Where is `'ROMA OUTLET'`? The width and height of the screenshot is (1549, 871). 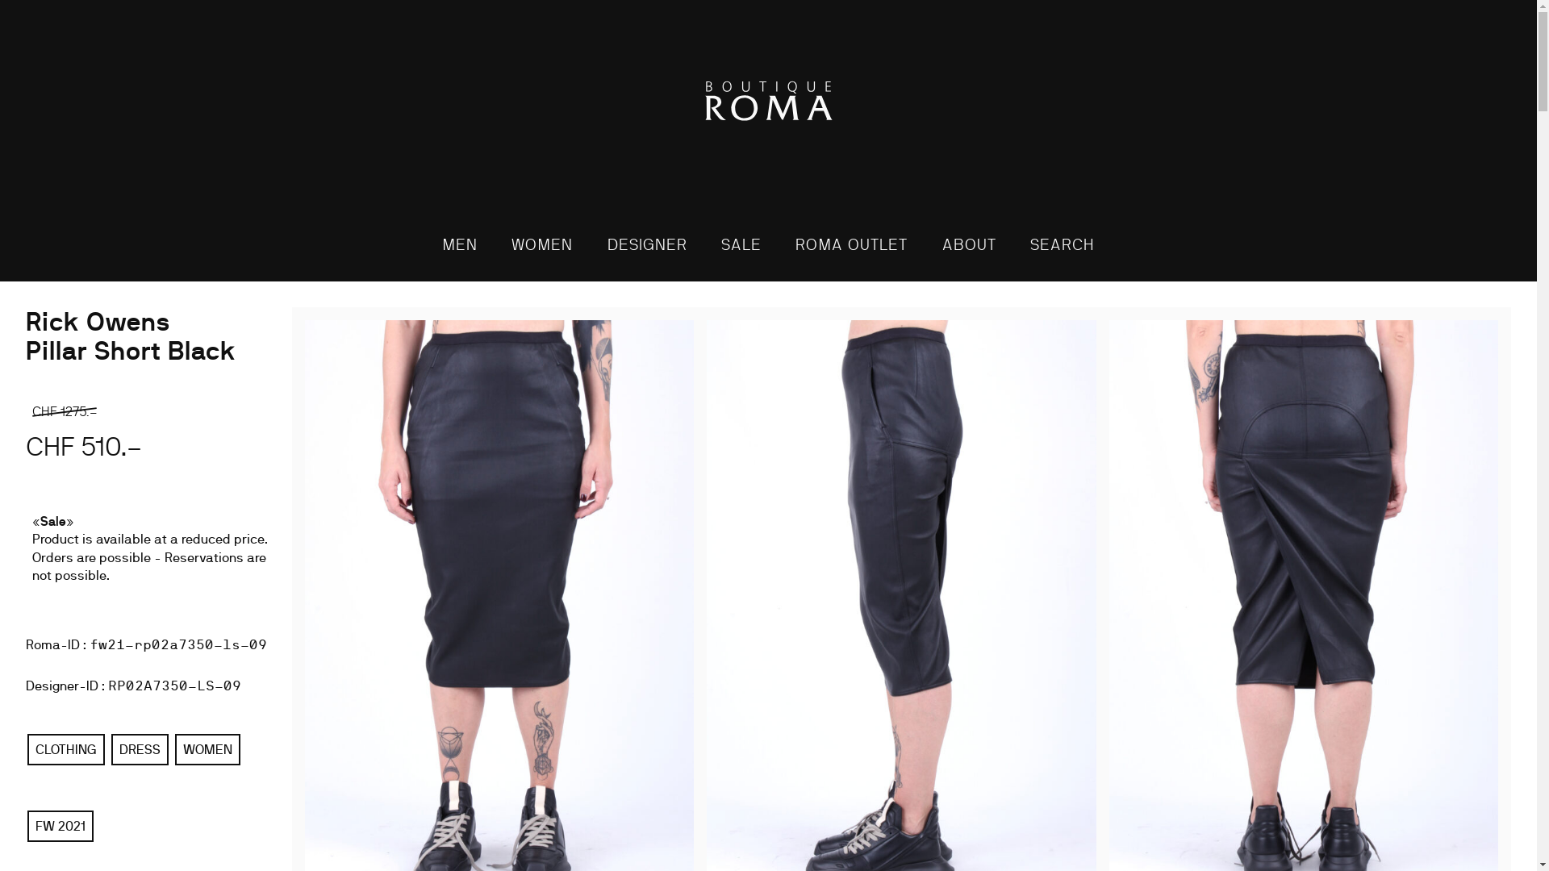 'ROMA OUTLET' is located at coordinates (850, 244).